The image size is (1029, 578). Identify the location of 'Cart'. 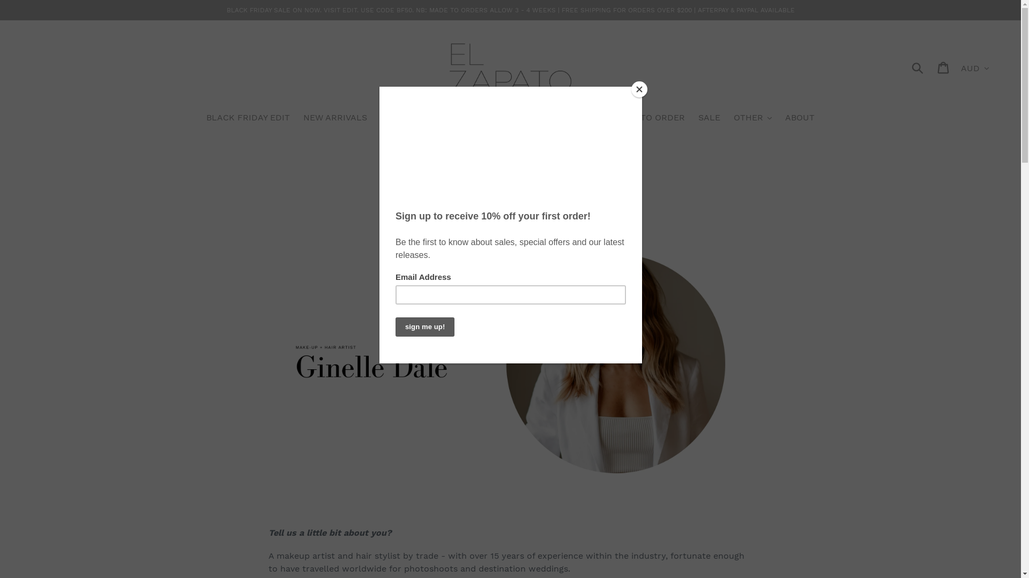
(944, 67).